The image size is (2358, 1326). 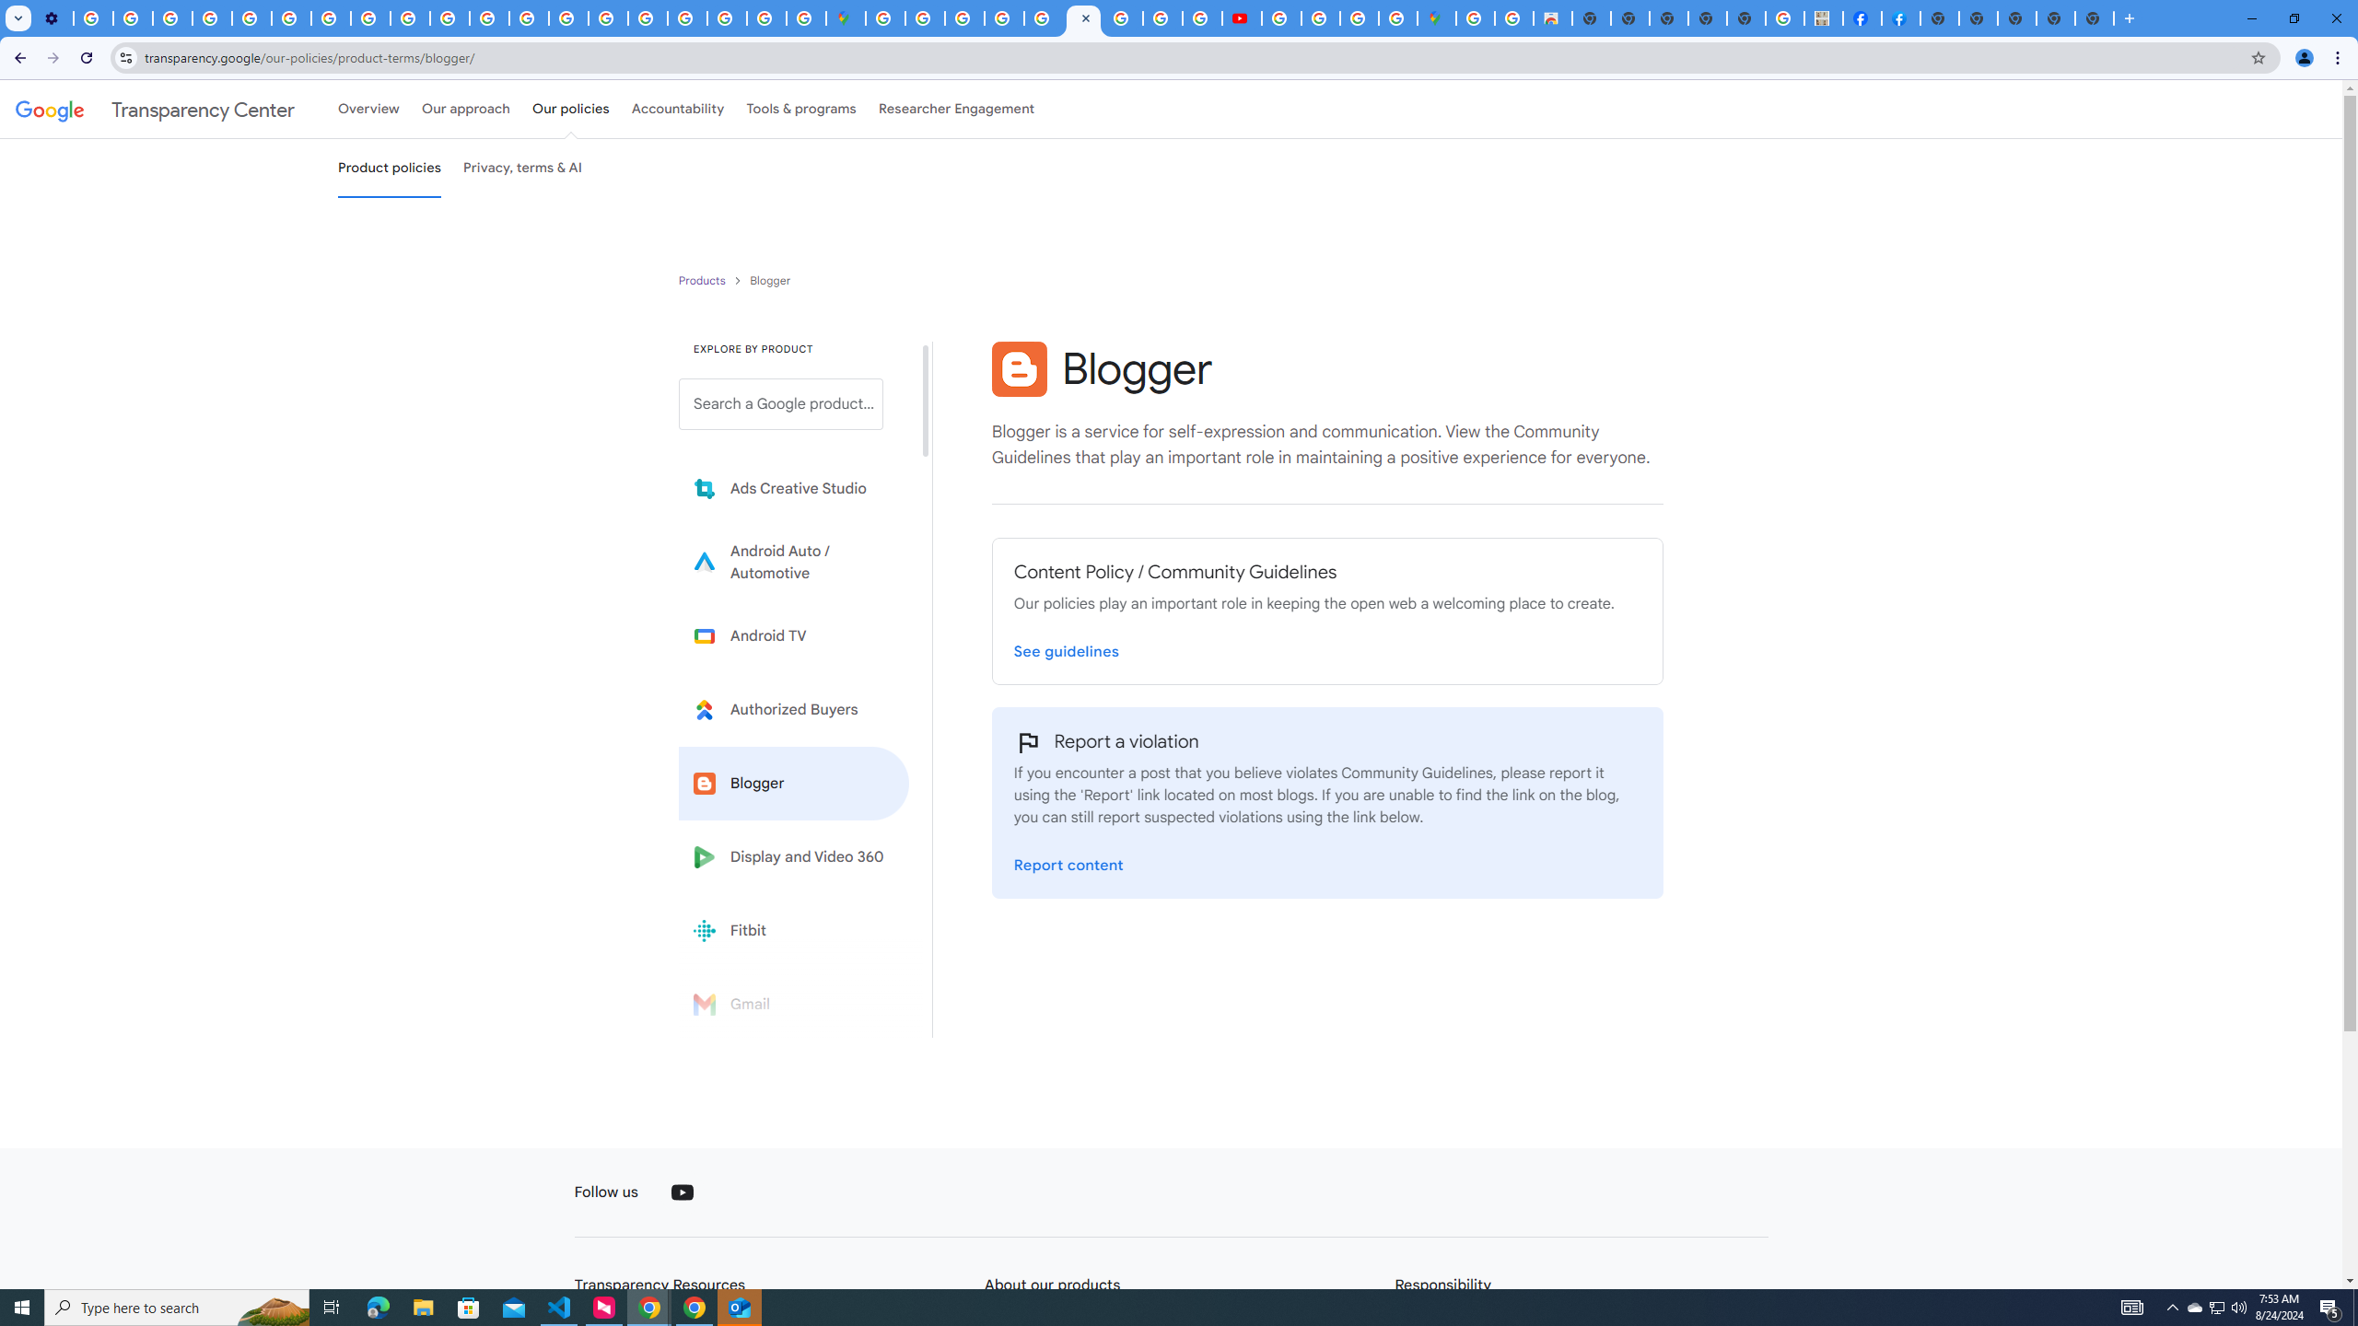 What do you see at coordinates (251, 17) in the screenshot?
I see `'Privacy Help Center - Policies Help'` at bounding box center [251, 17].